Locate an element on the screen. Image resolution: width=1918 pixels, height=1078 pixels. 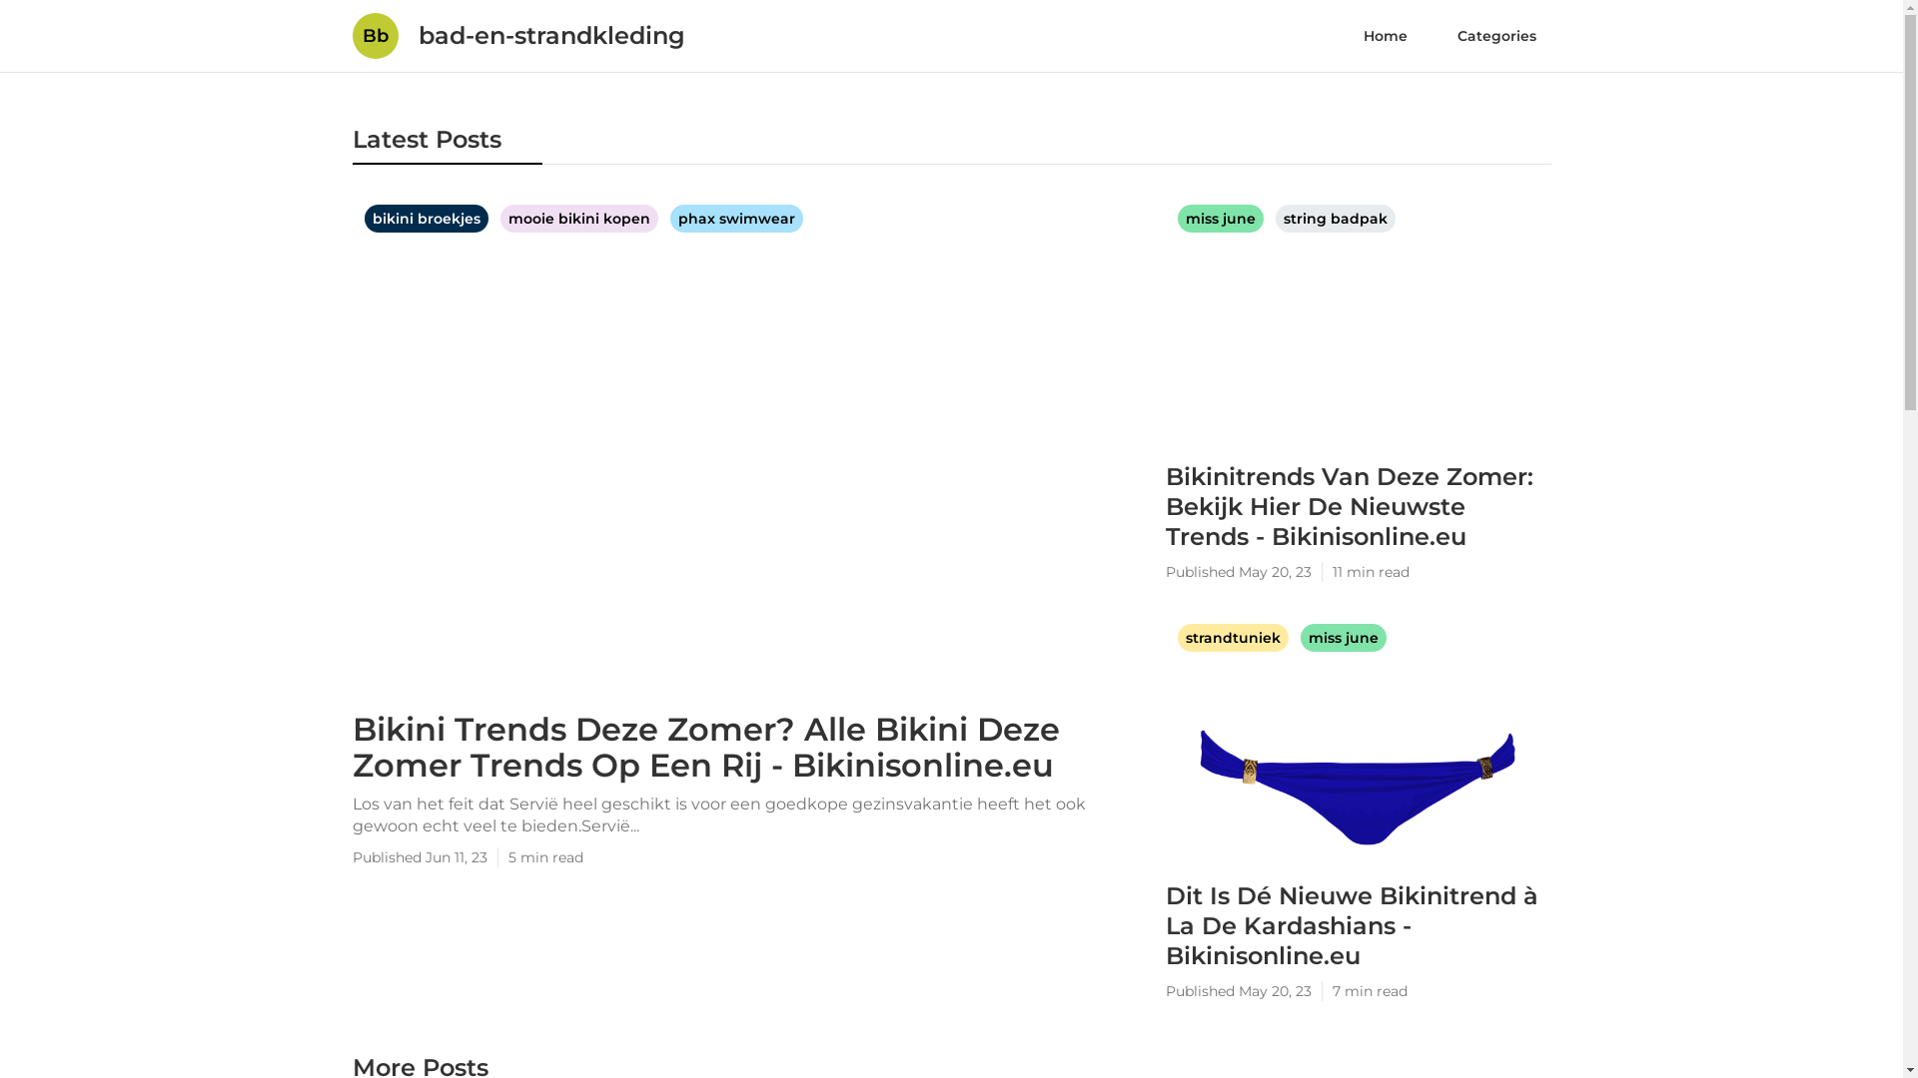
'mooie bikini kopen' is located at coordinates (578, 219).